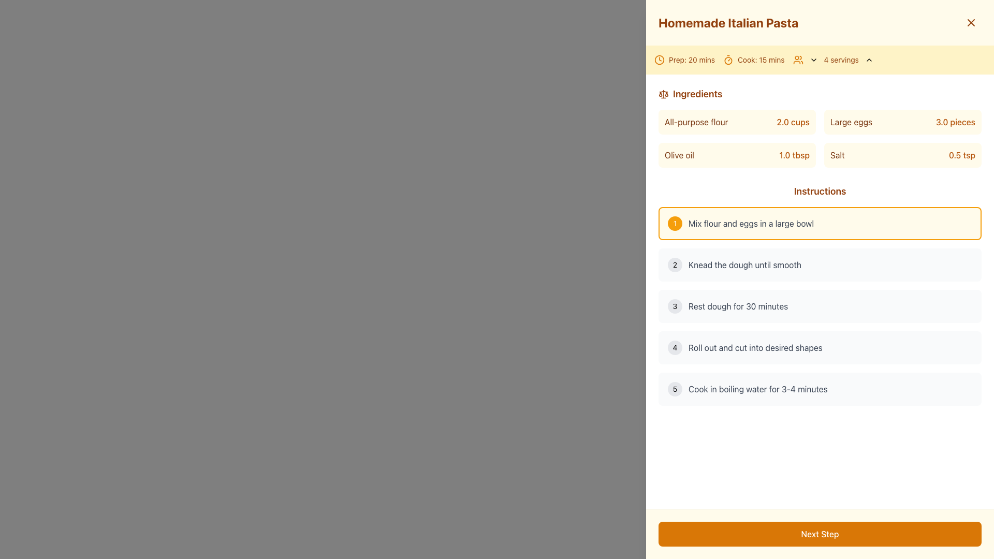  I want to click on the third instructional step in the recipe guide, which follows the step "2 Knead the dough until smooth" and precedes "4 Roll out and cut into desired shapes", so click(820, 305).